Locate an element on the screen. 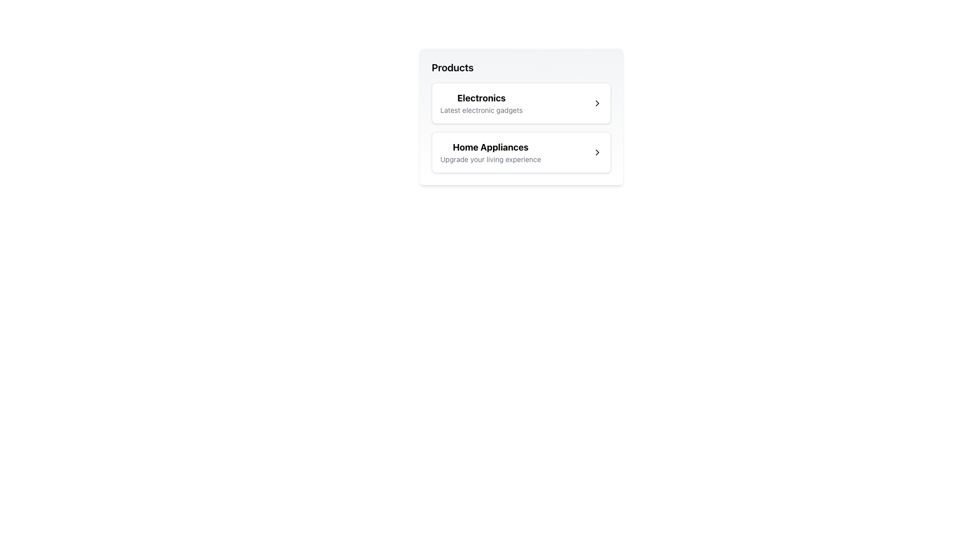 This screenshot has height=542, width=964. the 'Home Appliances' navigation list item, which features bold text and a rightward arrow icon is located at coordinates (521, 153).